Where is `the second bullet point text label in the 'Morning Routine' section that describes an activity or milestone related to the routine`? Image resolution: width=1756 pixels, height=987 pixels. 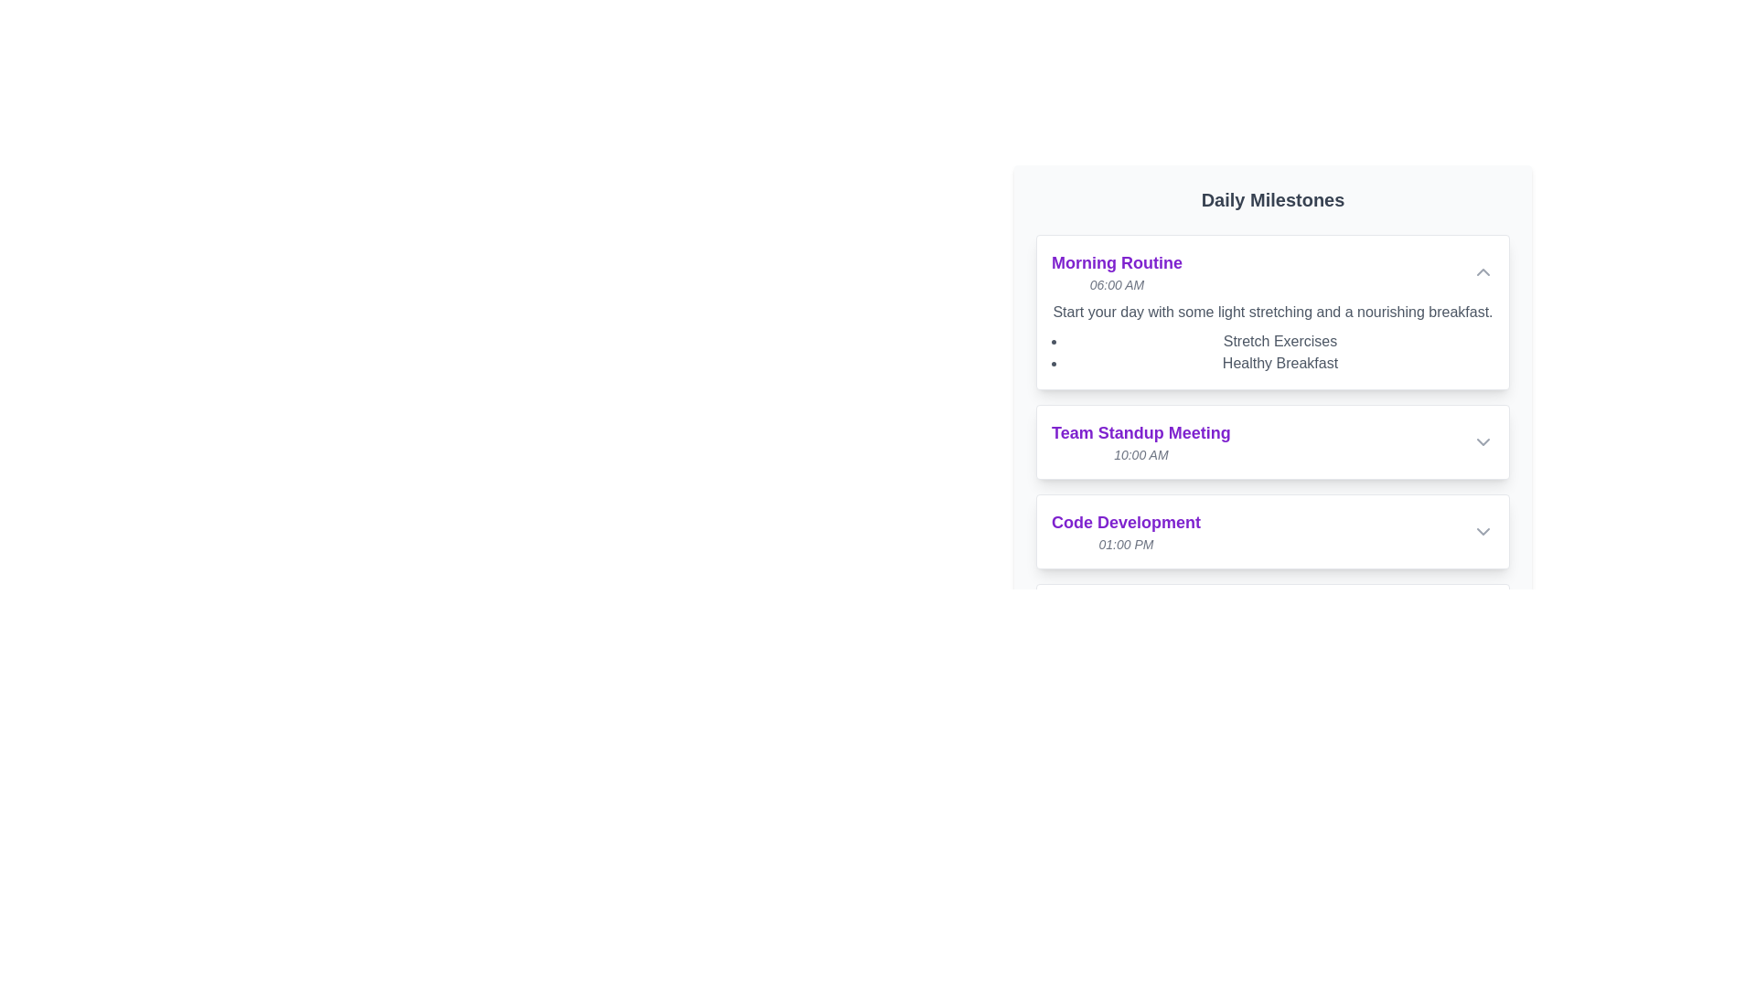 the second bullet point text label in the 'Morning Routine' section that describes an activity or milestone related to the routine is located at coordinates (1280, 363).